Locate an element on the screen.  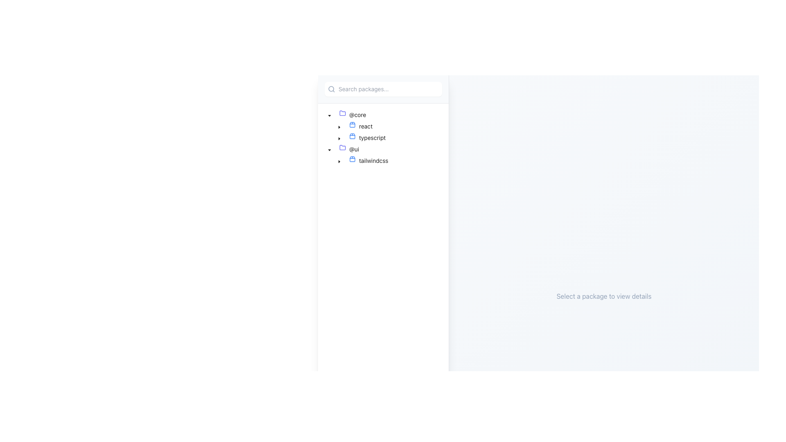
the icon representing the 'typescript' package in the tree structure is located at coordinates (352, 135).